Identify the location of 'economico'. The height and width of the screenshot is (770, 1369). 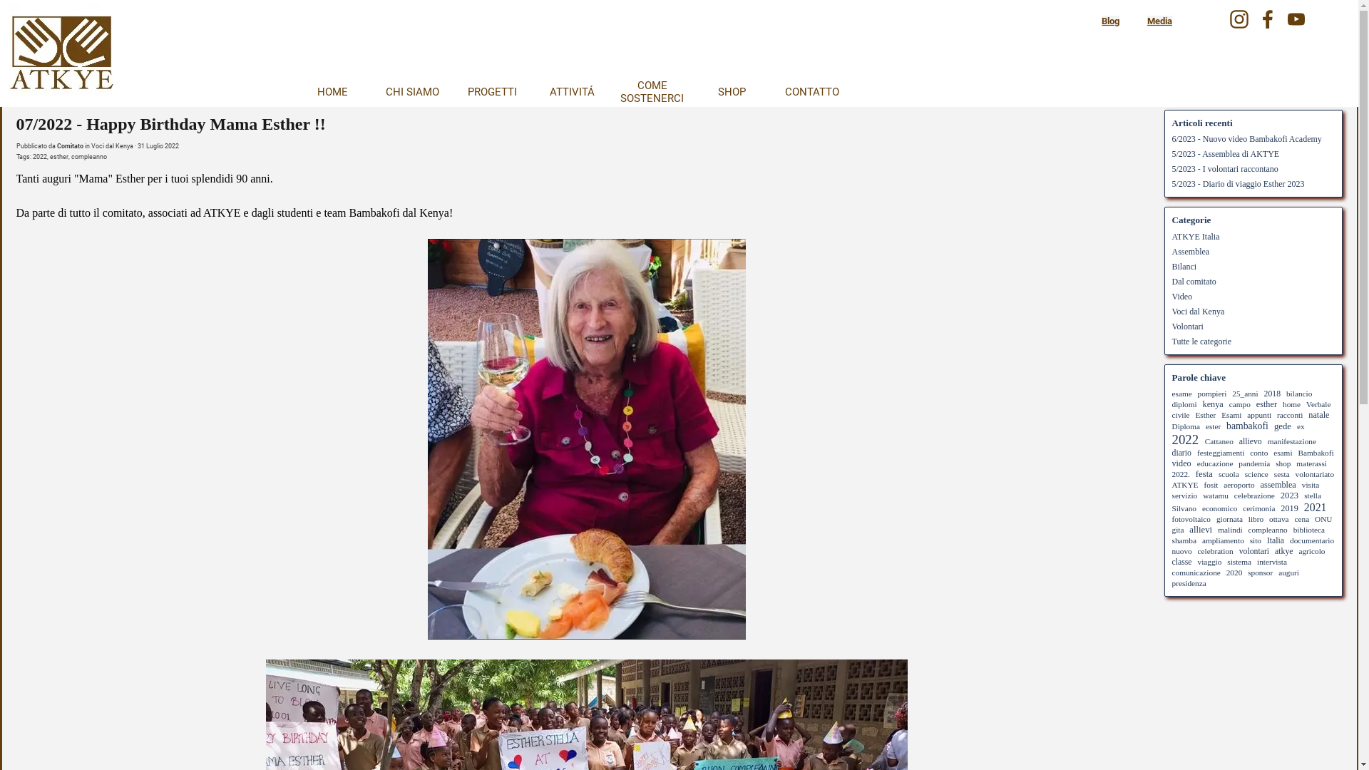
(1219, 508).